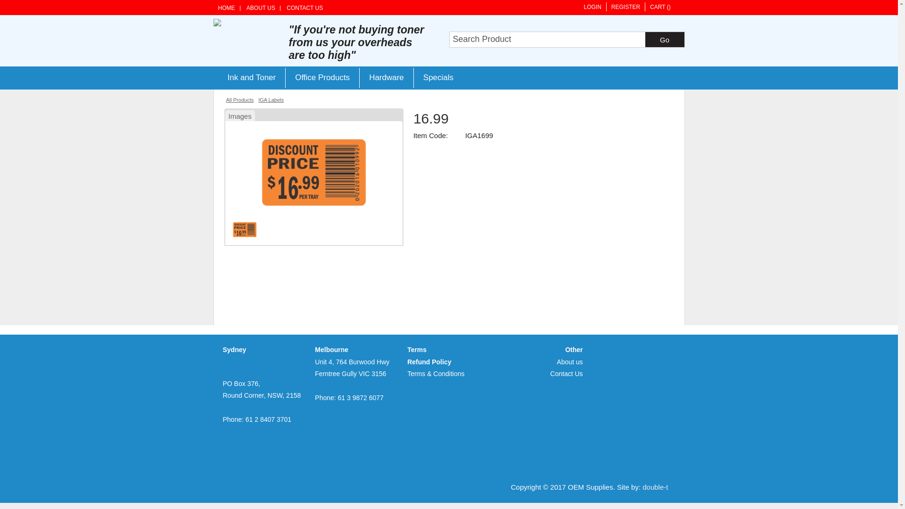  I want to click on 'REGISTER', so click(625, 7).